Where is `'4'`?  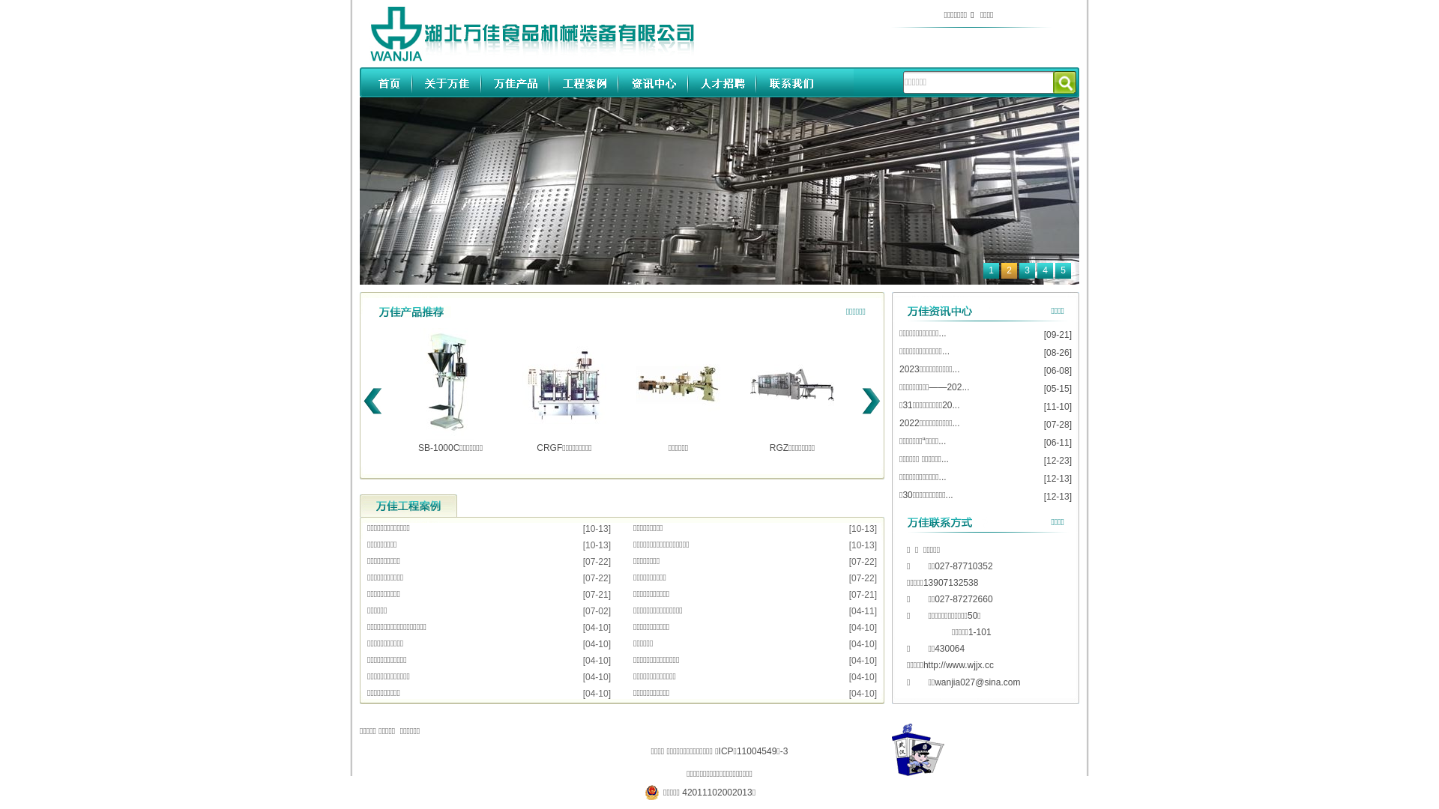 '4' is located at coordinates (1036, 270).